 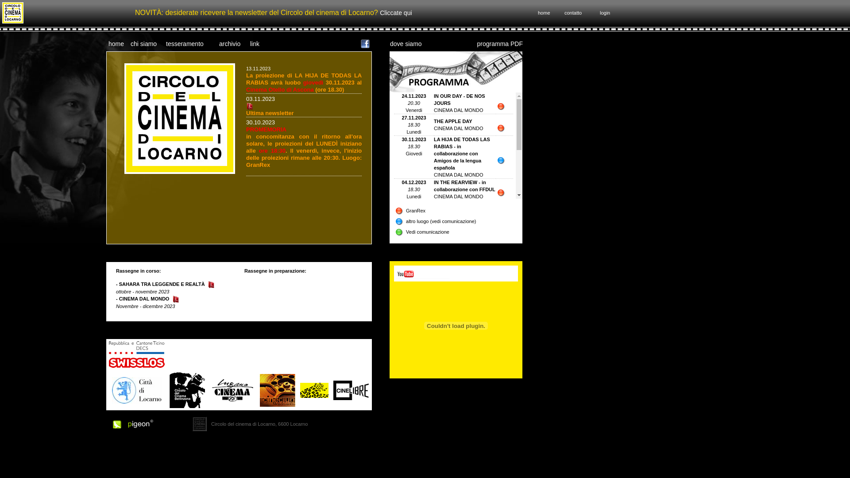 What do you see at coordinates (229, 43) in the screenshot?
I see `'archivio'` at bounding box center [229, 43].